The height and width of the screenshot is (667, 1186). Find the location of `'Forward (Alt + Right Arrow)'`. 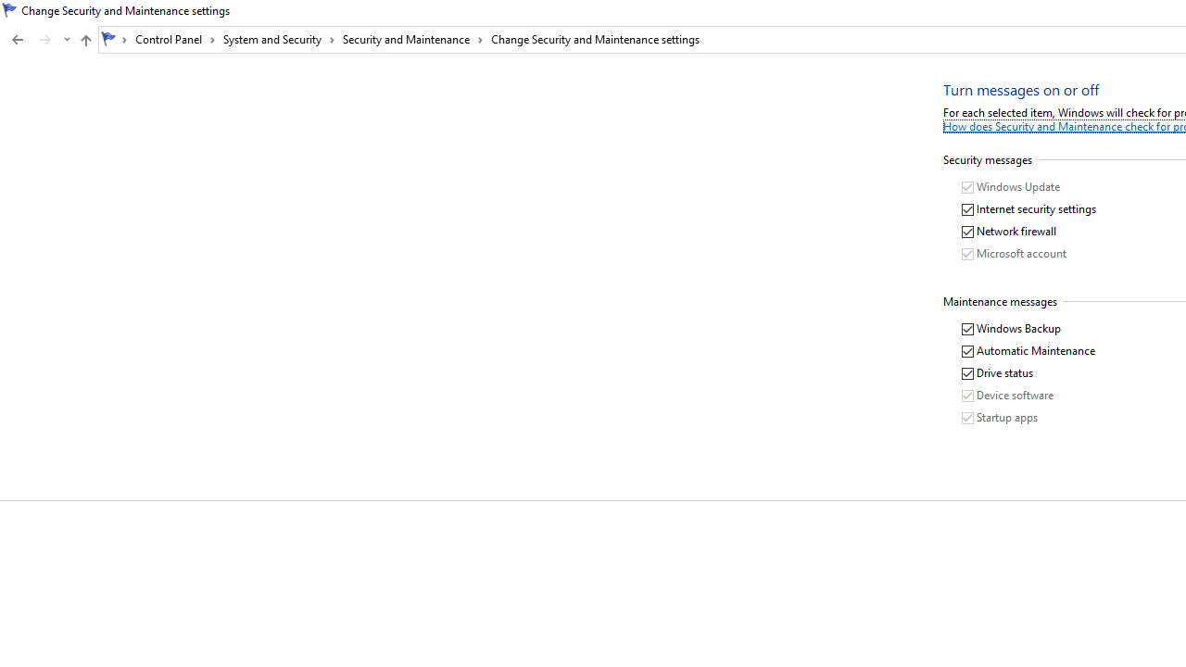

'Forward (Alt + Right Arrow)' is located at coordinates (45, 40).